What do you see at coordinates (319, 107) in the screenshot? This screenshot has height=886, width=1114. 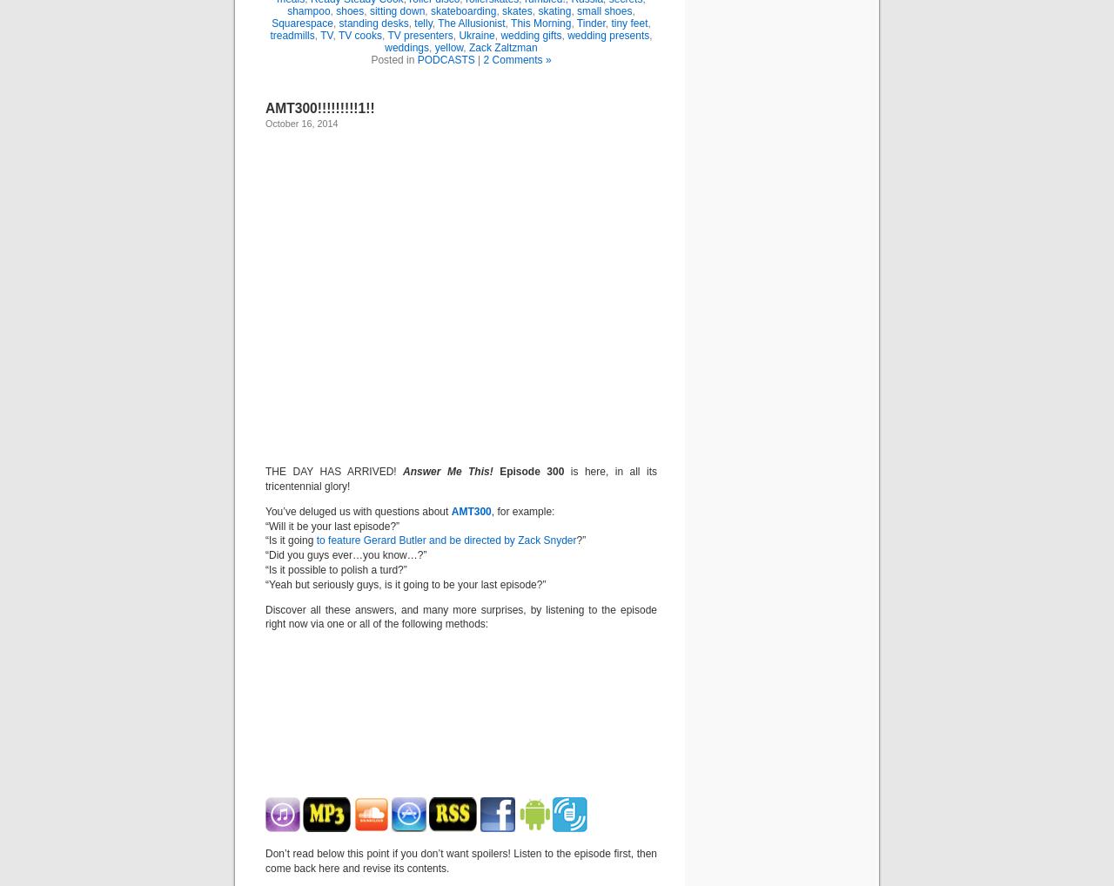 I see `'AMT300!!!!!!!!!1!!'` at bounding box center [319, 107].